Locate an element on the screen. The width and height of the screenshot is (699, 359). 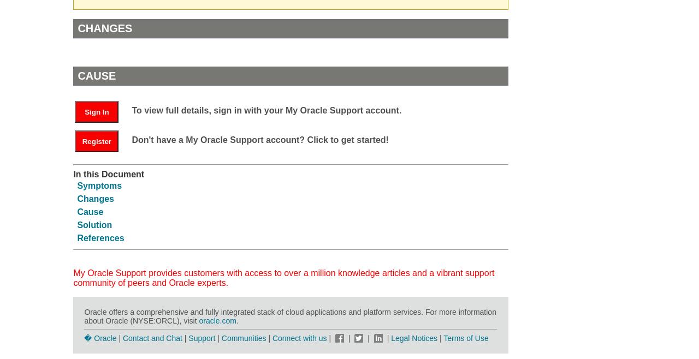
'Communities' is located at coordinates (242, 337).